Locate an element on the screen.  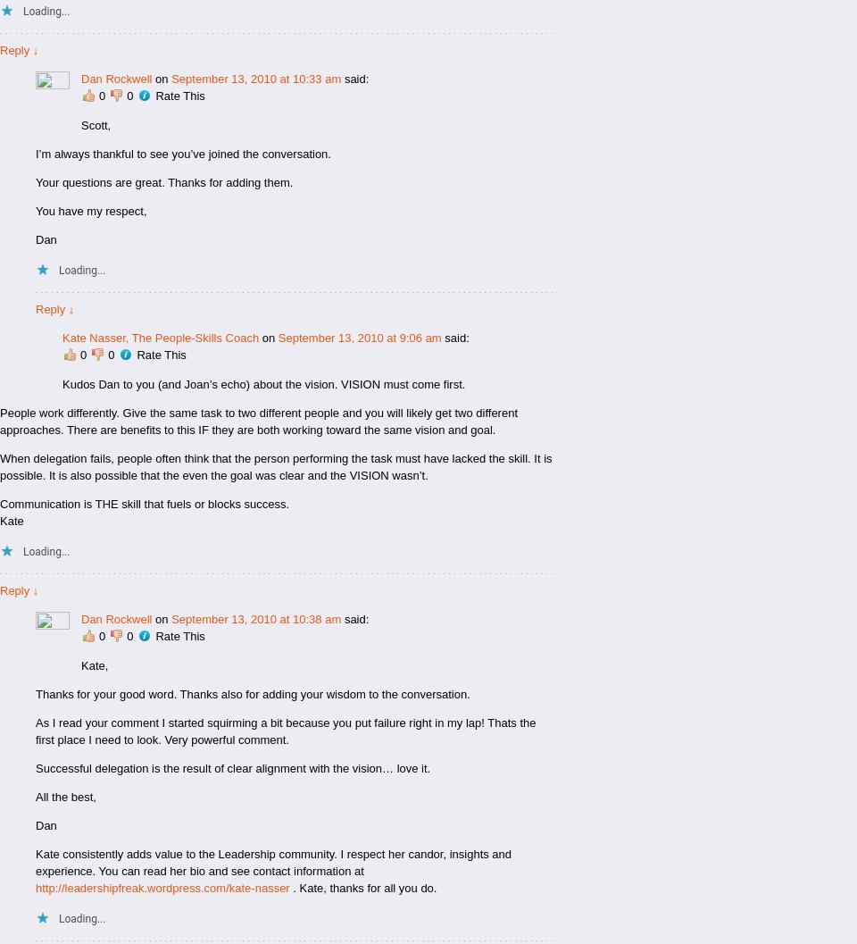
'Kate,' is located at coordinates (94, 664).